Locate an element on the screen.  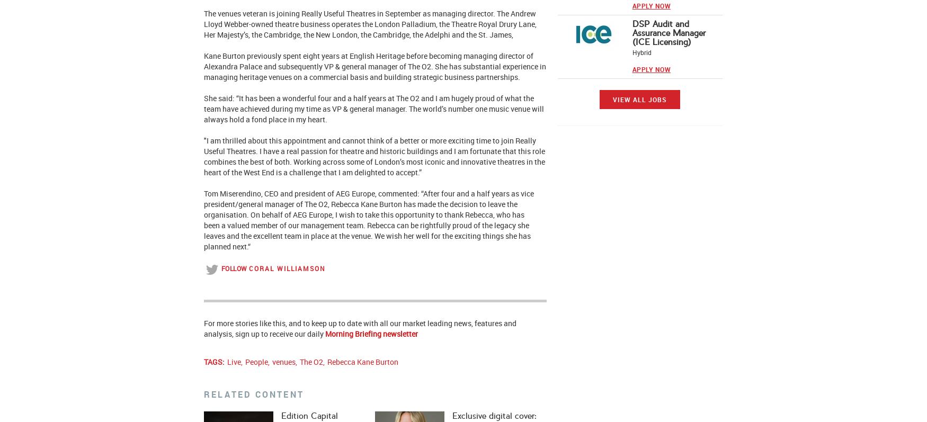
'theatre business operates the London Palladium, the Theatre Royal Drury Lane, Her Majesty’s, the Cambridge, the New London, the Cambridge, the Adelphi and the St. James,' is located at coordinates (370, 29).